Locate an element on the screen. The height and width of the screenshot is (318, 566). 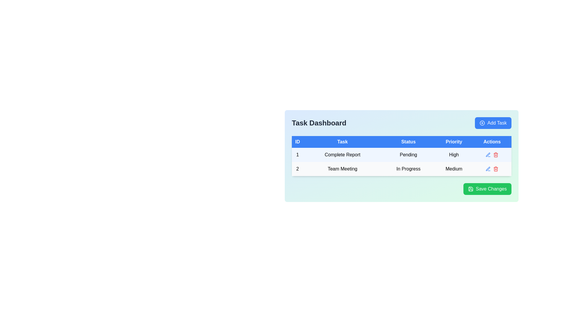
the save icon, which is a minimalist floppy disk representation located to the left of the 'Save Changes' text within a green button in the lower-right corner of the interface is located at coordinates (470, 189).